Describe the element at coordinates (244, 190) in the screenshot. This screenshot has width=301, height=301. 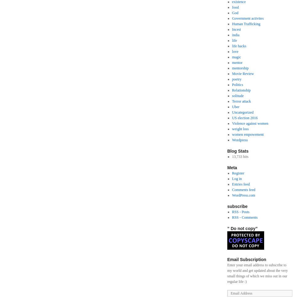
I see `'Comments feed'` at that location.